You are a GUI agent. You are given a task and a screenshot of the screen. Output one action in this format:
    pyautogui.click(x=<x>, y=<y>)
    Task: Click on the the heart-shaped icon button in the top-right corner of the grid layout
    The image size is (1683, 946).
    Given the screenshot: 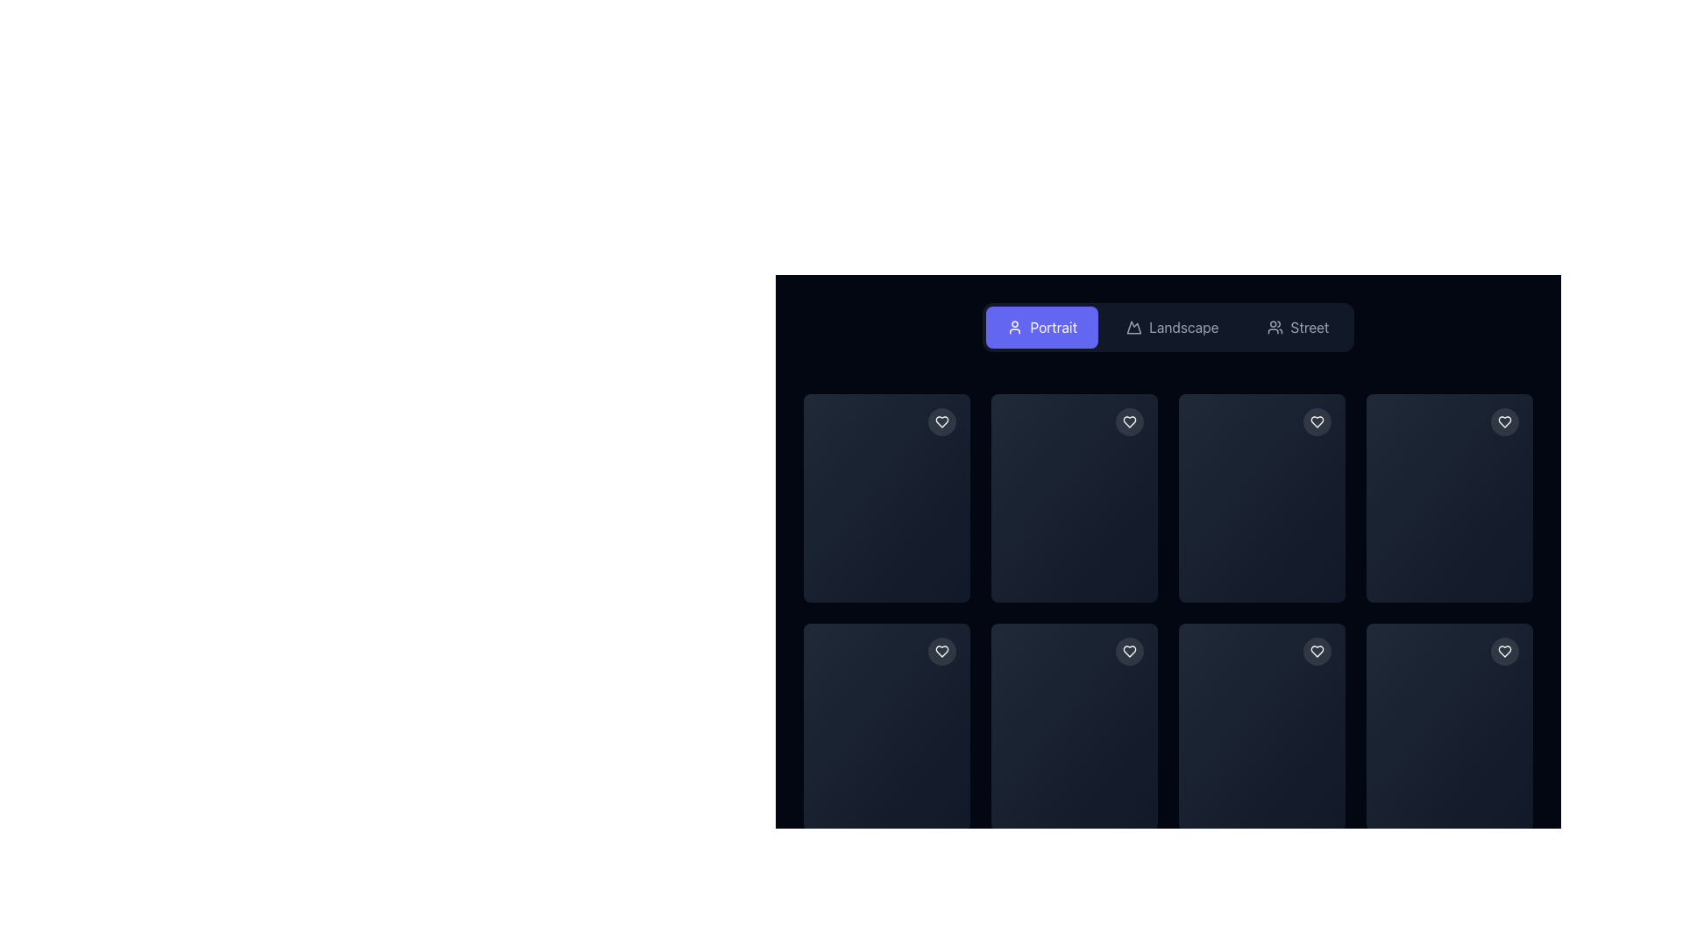 What is the action you would take?
    pyautogui.click(x=1504, y=422)
    